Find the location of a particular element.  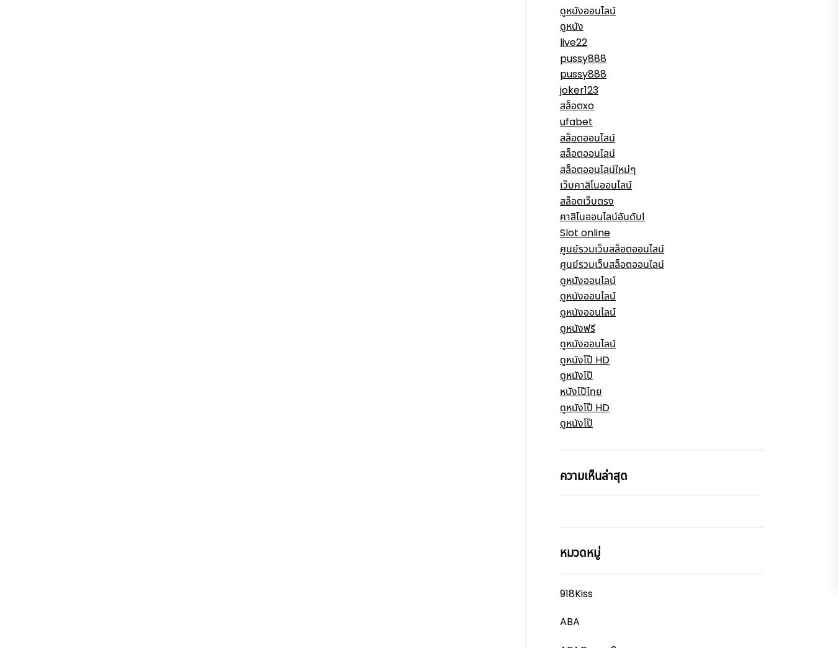

'joker123' is located at coordinates (559, 89).